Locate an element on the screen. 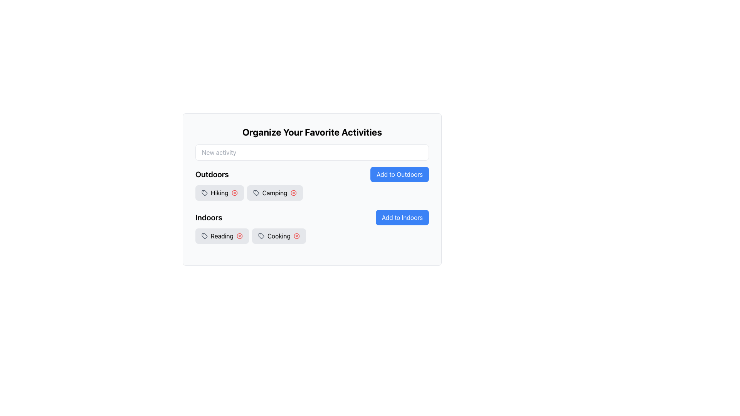 This screenshot has width=740, height=416. the circular red bordered icon with a red 'x' inside, located next to the word 'Camping' is located at coordinates (293, 193).